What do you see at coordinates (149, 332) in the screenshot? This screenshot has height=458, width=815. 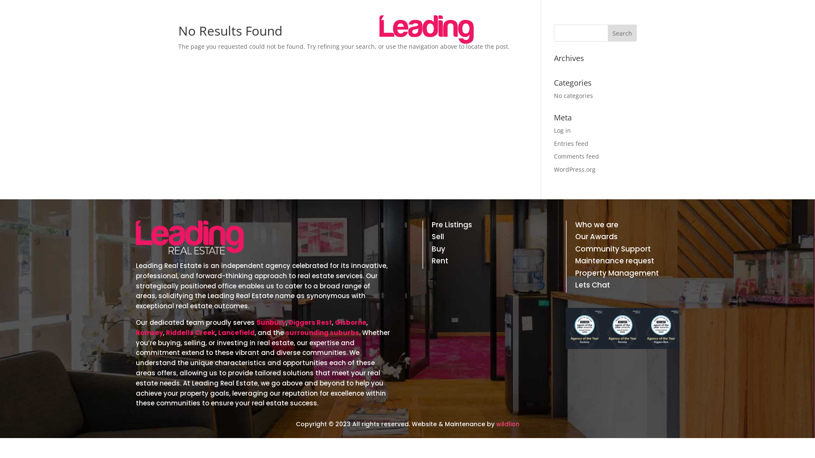 I see `'Romsey'` at bounding box center [149, 332].